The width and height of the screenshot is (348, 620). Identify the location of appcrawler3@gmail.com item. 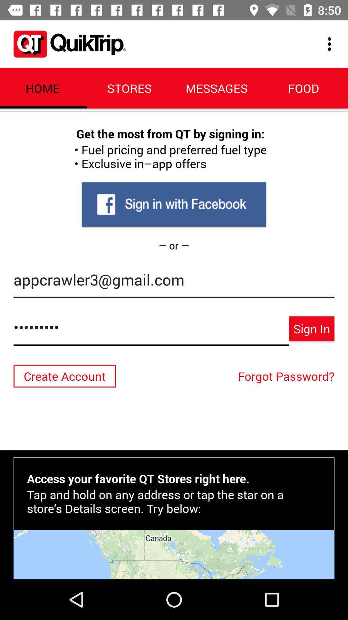
(174, 283).